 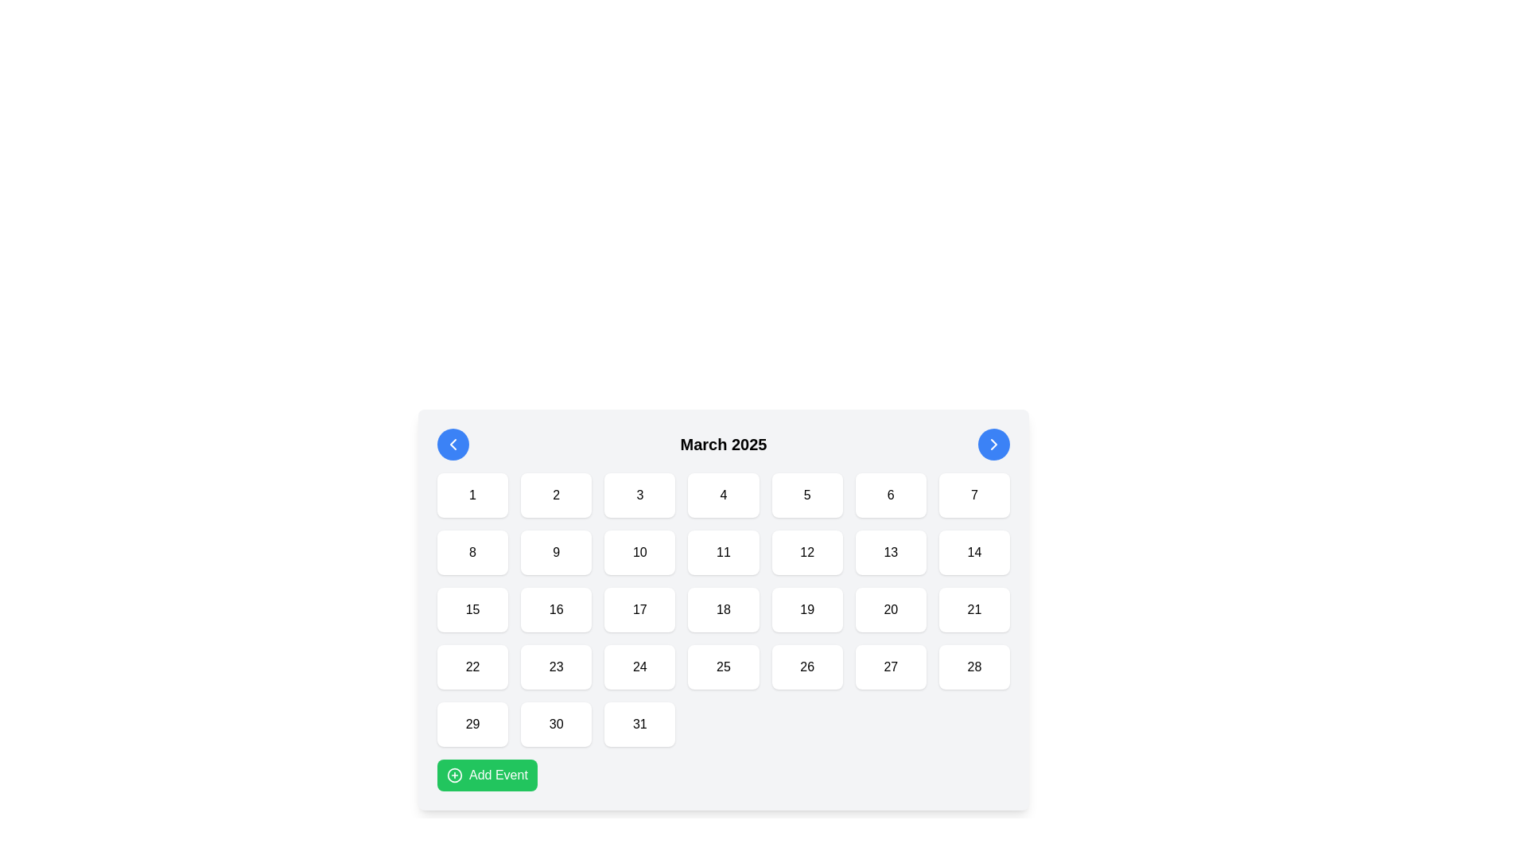 What do you see at coordinates (723, 609) in the screenshot?
I see `a date within the Calendar Component` at bounding box center [723, 609].